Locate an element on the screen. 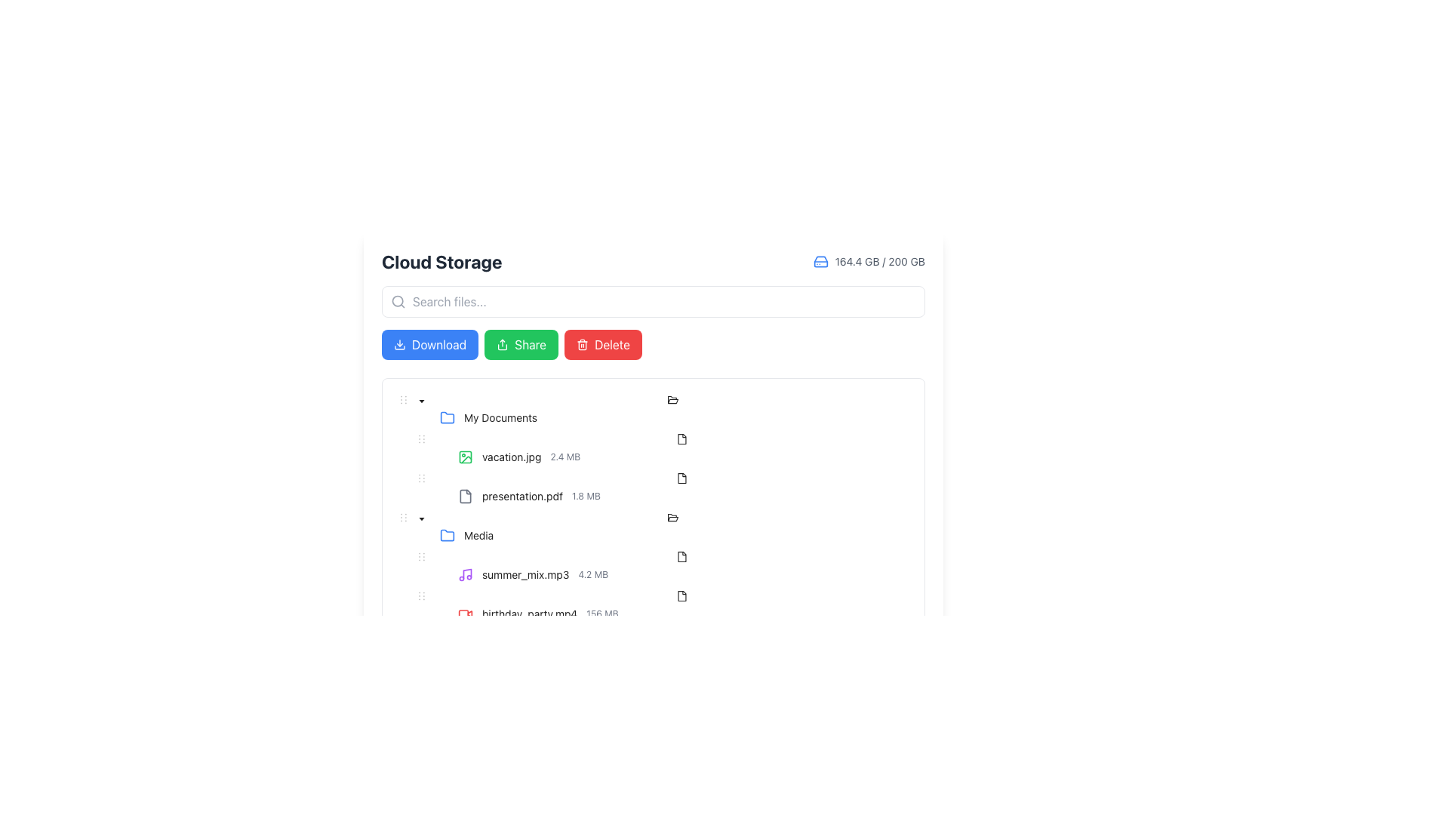  the selectable audio file representation element located in the 'Media' folder of the directory interface is located at coordinates (653, 565).